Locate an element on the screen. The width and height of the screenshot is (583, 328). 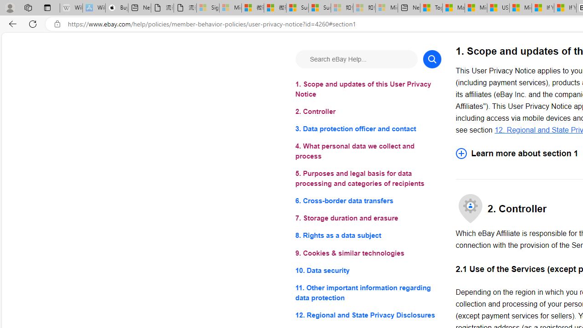
'Sign in to your Microsoft account - Sleeping' is located at coordinates (207, 8).